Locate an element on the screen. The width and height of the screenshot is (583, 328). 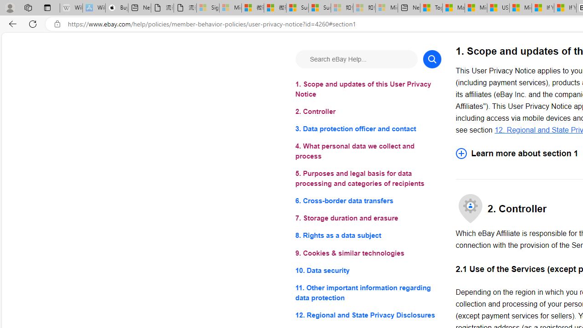
'Sign in to your Microsoft account - Sleeping' is located at coordinates (207, 8).